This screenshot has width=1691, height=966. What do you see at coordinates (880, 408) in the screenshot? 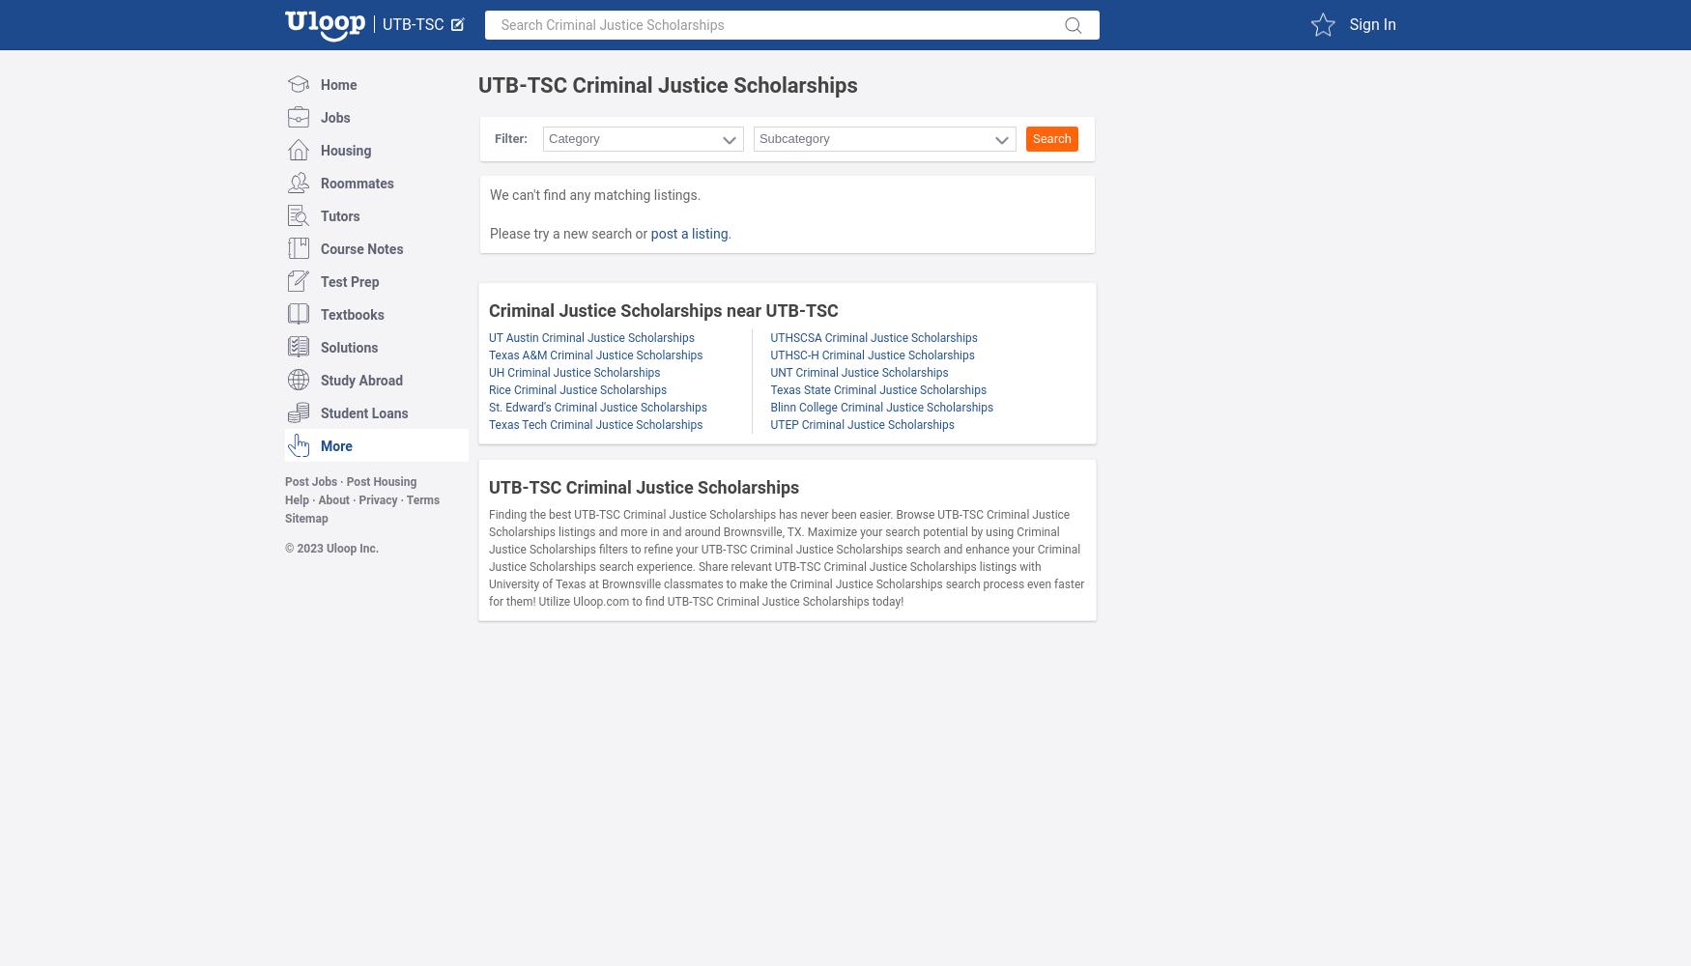
I see `'Blinn College Criminal Justice Scholarships'` at bounding box center [880, 408].